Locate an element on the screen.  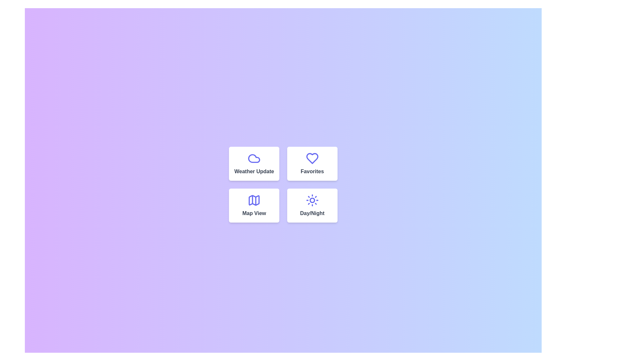
the central circle of the sun icon within the 'Day/Night' card located in the bottom-right of the grid of four cards is located at coordinates (312, 200).